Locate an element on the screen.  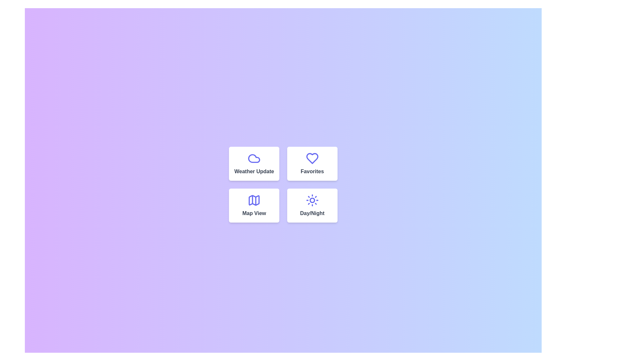
the central circle of the sun icon within the 'Day/Night' card located in the bottom-right of the grid of four cards is located at coordinates (312, 200).